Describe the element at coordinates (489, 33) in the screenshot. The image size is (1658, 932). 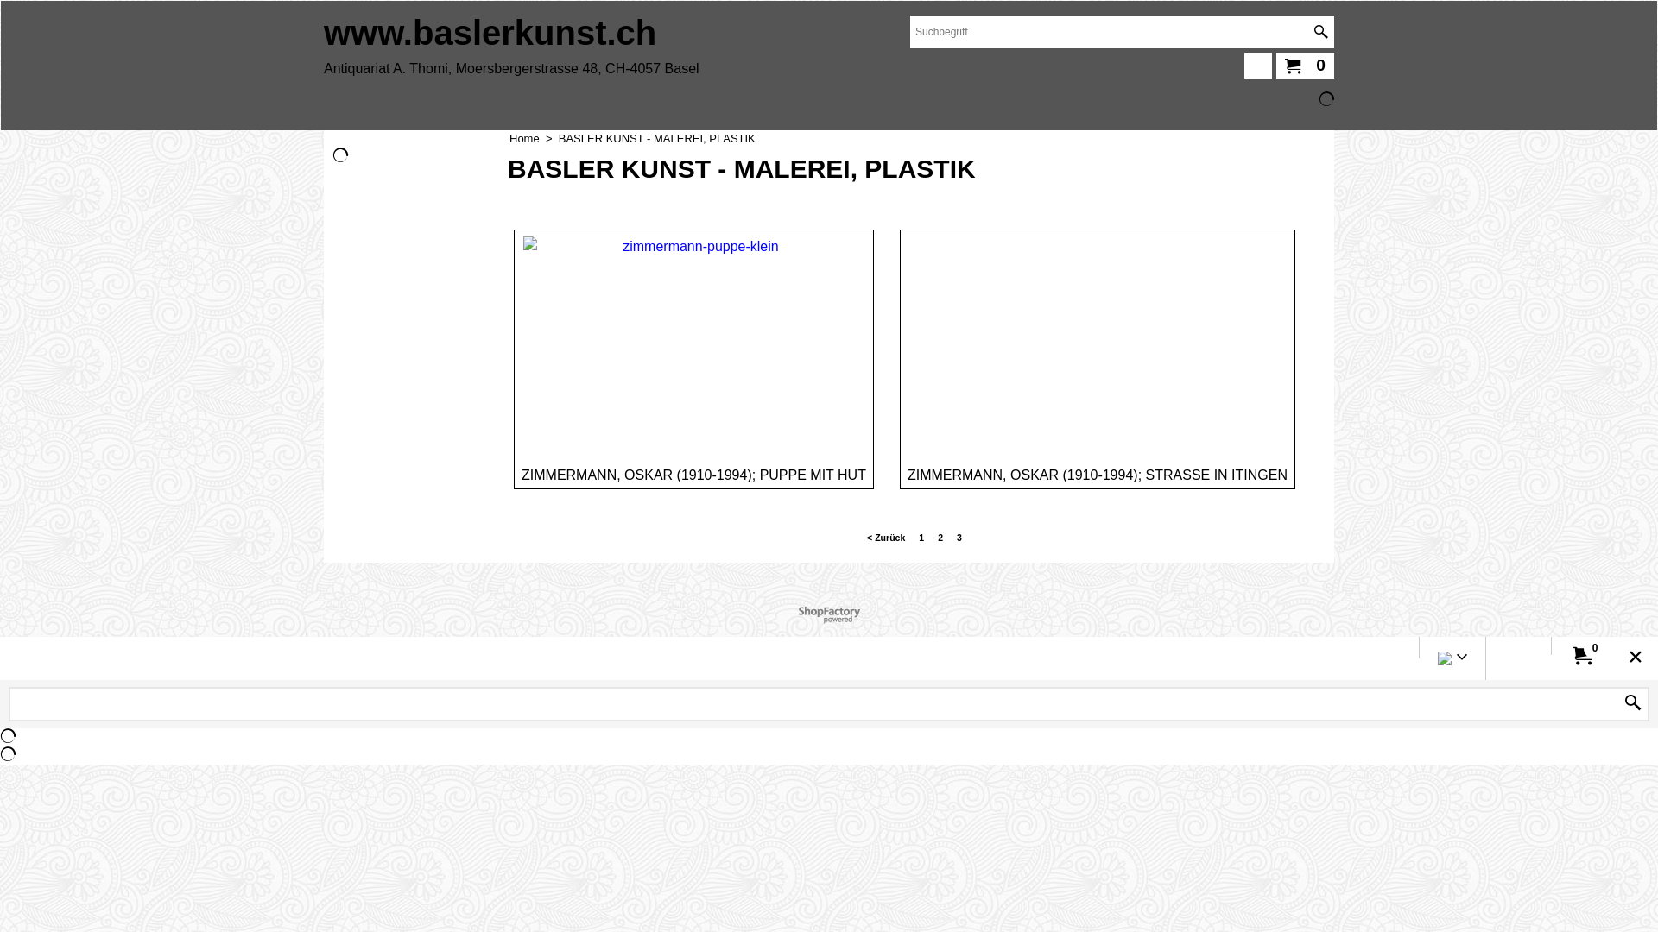
I see `'www.baslerkunst.ch'` at that location.